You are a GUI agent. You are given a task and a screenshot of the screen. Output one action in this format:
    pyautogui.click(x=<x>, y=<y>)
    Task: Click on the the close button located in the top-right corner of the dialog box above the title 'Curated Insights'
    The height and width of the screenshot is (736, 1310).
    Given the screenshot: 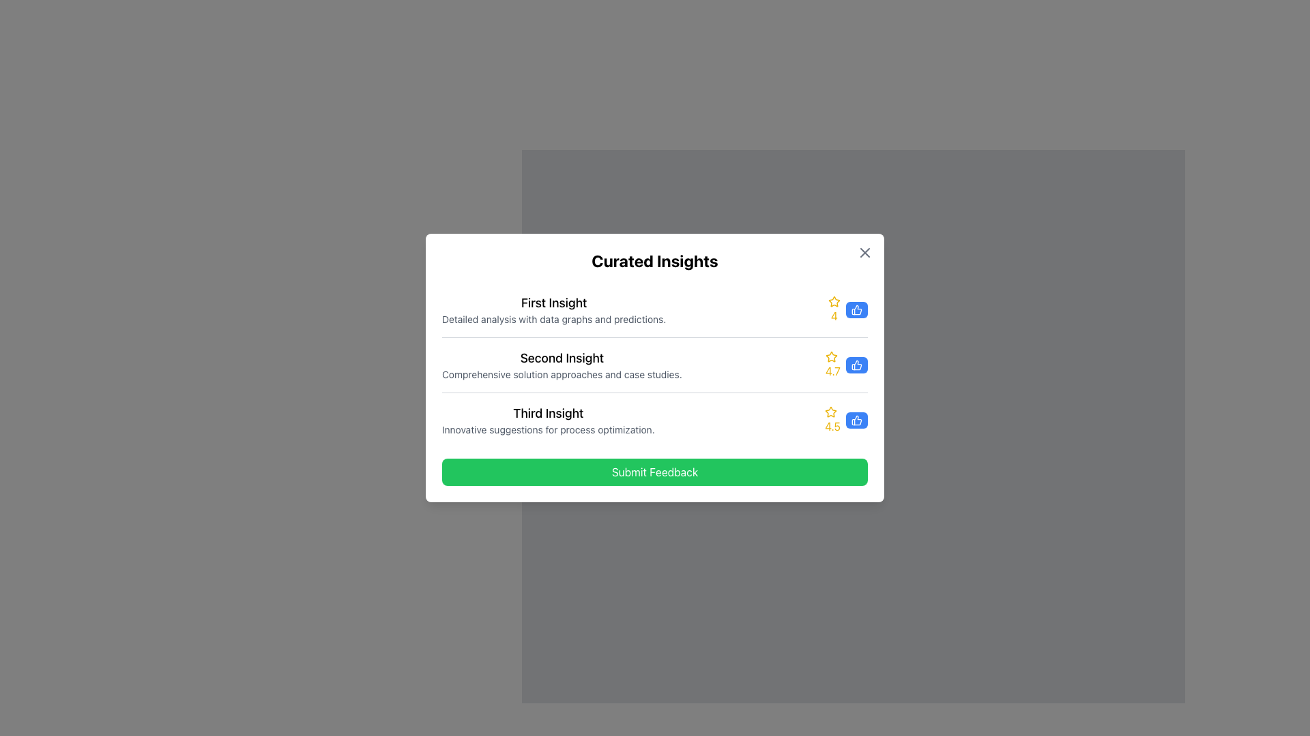 What is the action you would take?
    pyautogui.click(x=864, y=252)
    